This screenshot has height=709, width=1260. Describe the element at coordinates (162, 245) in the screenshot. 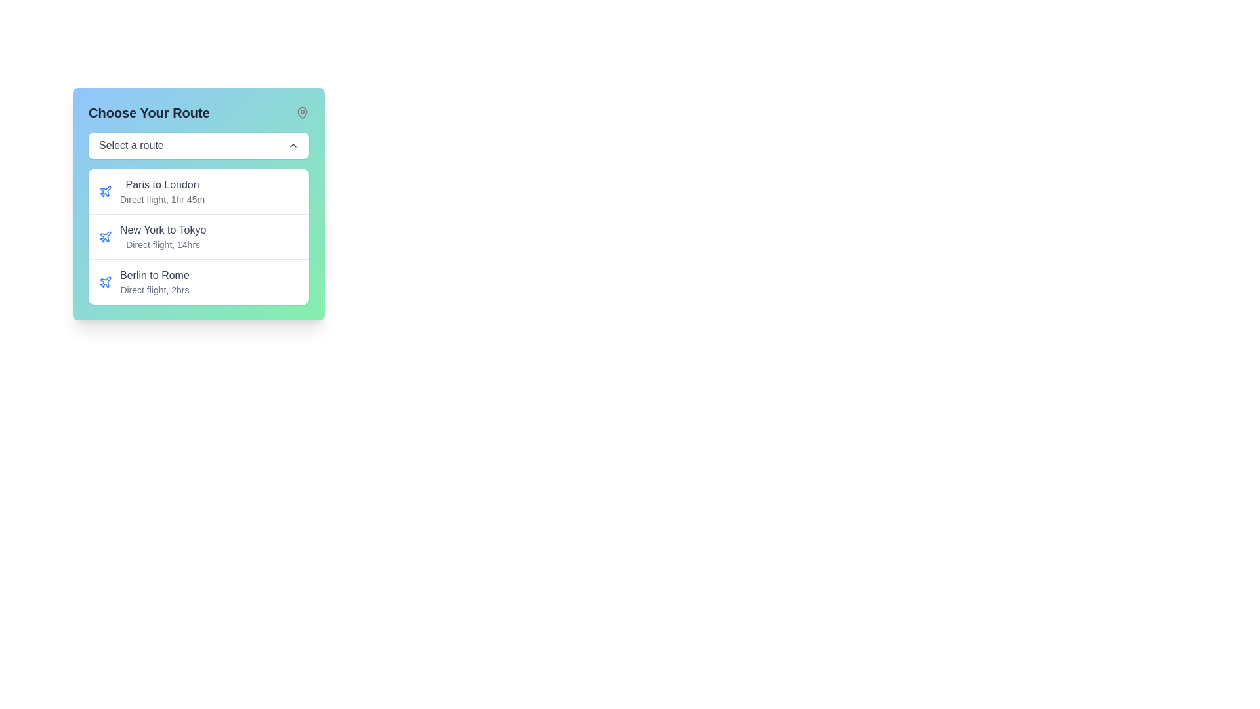

I see `the text label that provides details about the flight type and duration for the route 'New York to Tokyo', located under the title 'Choose Your Route' as the second item in the list` at that location.